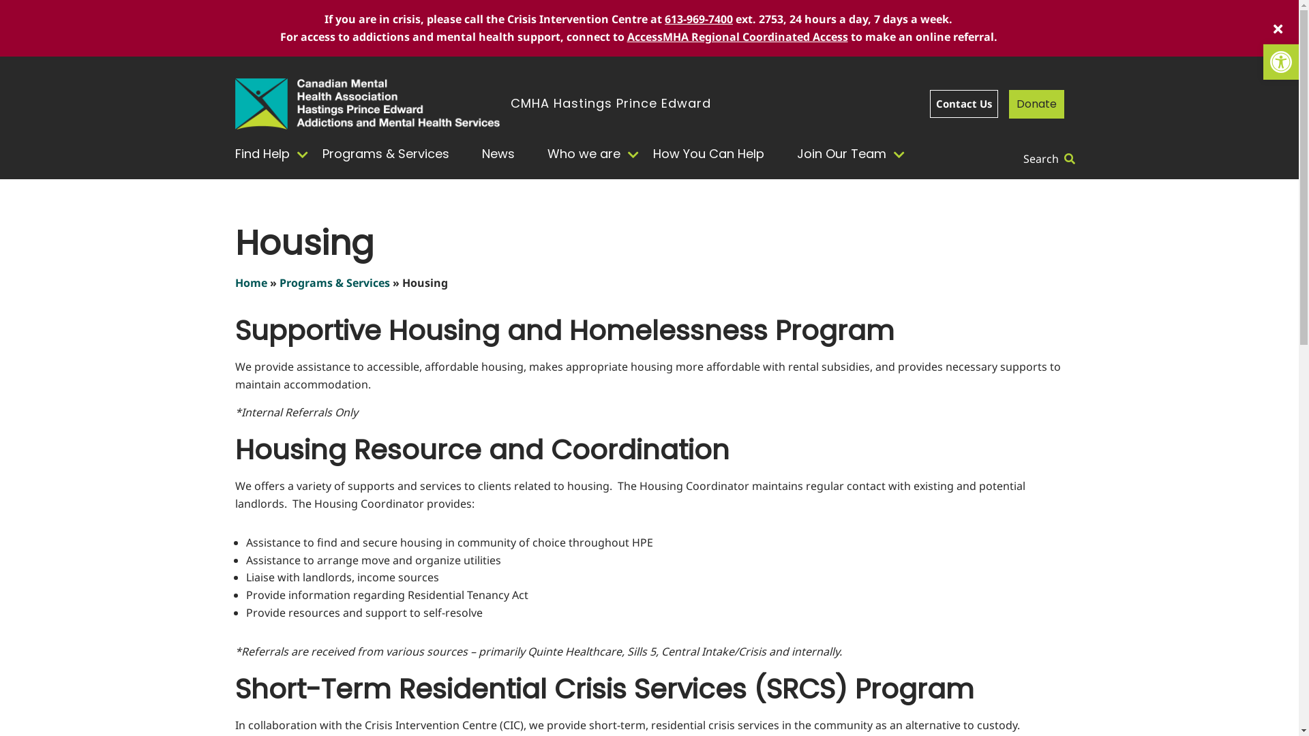  Describe the element at coordinates (235, 153) in the screenshot. I see `'Find Help'` at that location.